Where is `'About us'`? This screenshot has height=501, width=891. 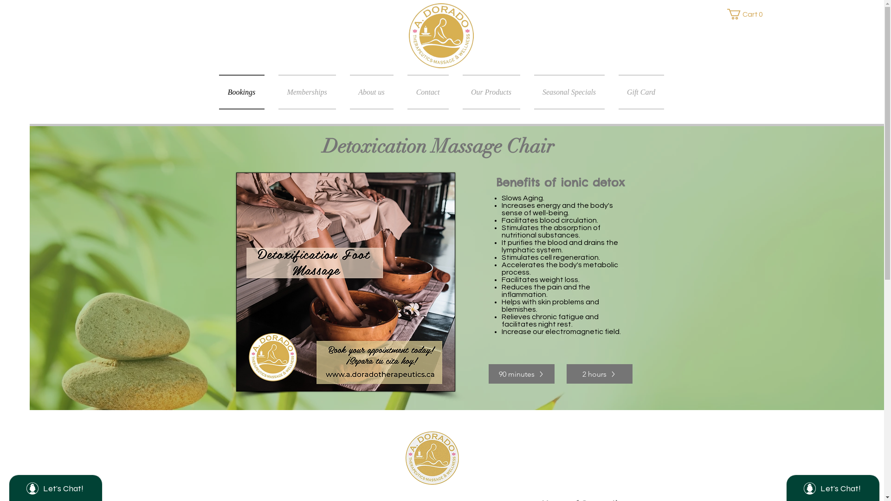
'About us' is located at coordinates (371, 92).